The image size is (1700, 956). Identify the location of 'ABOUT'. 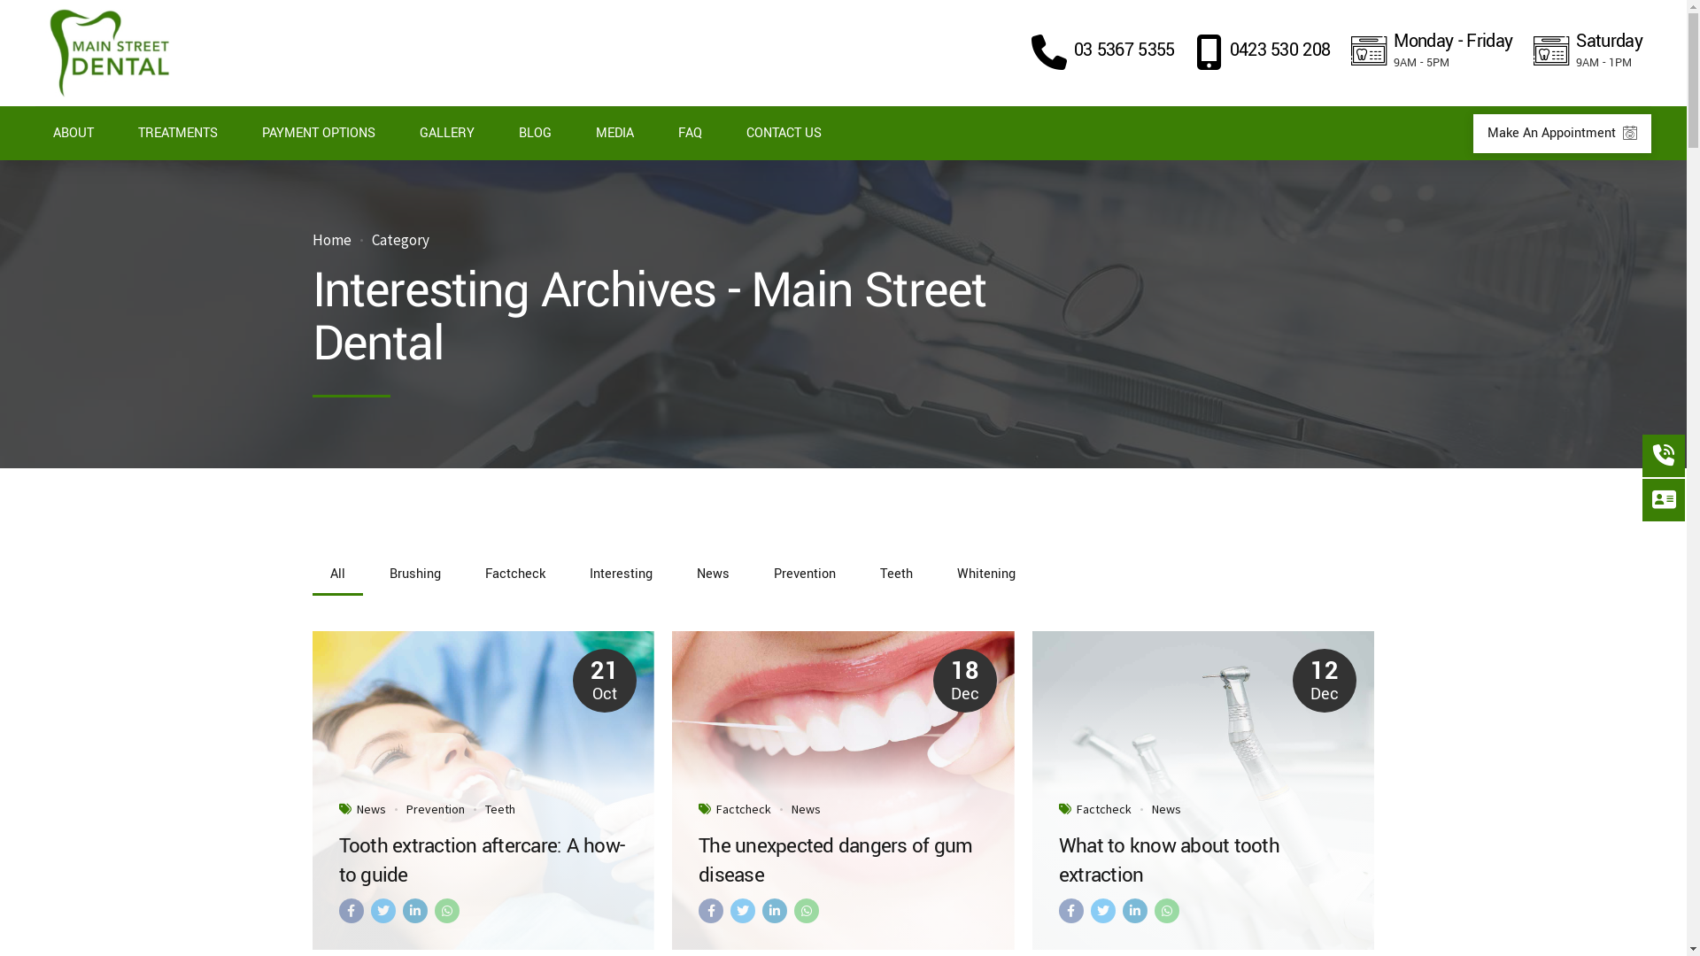
(72, 132).